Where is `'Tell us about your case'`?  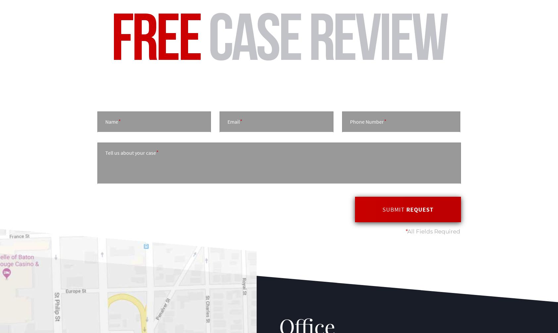
'Tell us about your case' is located at coordinates (130, 153).